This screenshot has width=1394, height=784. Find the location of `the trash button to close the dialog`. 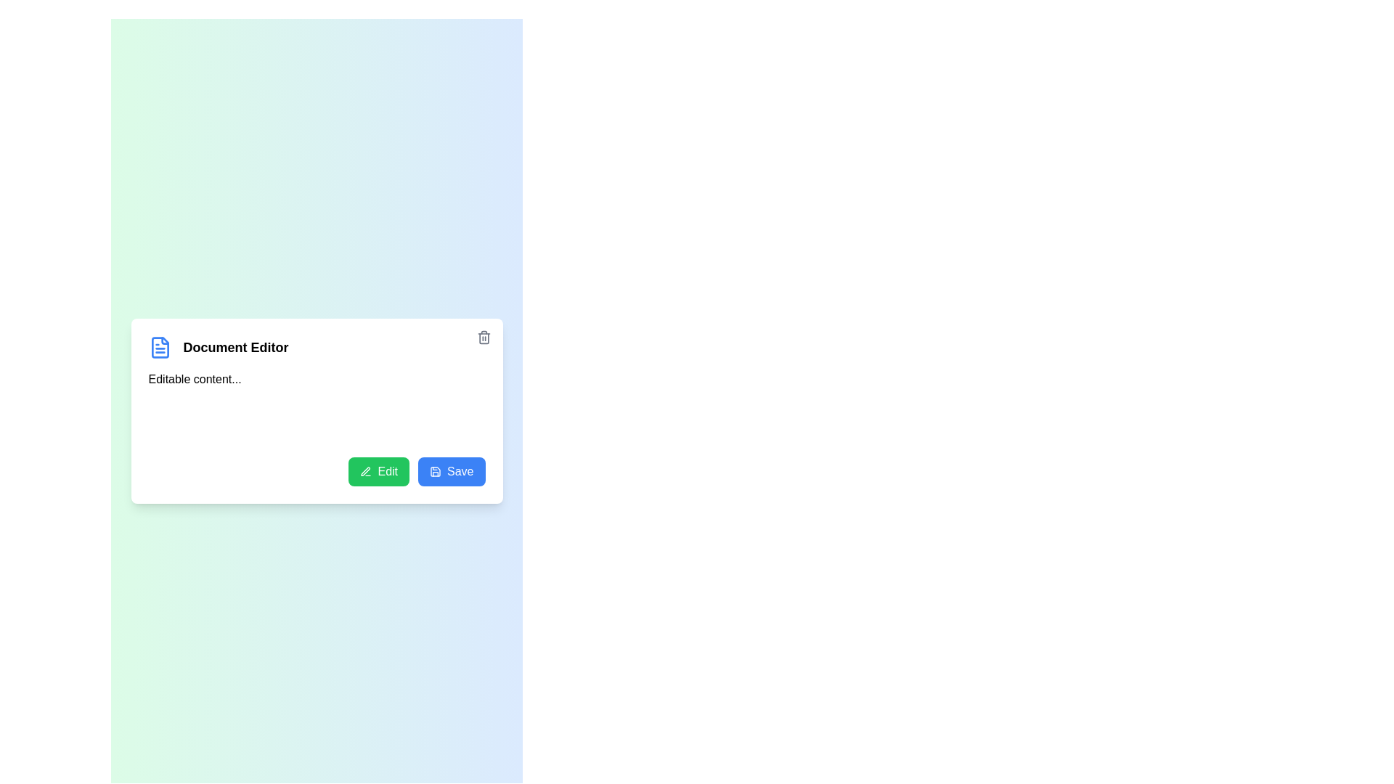

the trash button to close the dialog is located at coordinates (484, 337).